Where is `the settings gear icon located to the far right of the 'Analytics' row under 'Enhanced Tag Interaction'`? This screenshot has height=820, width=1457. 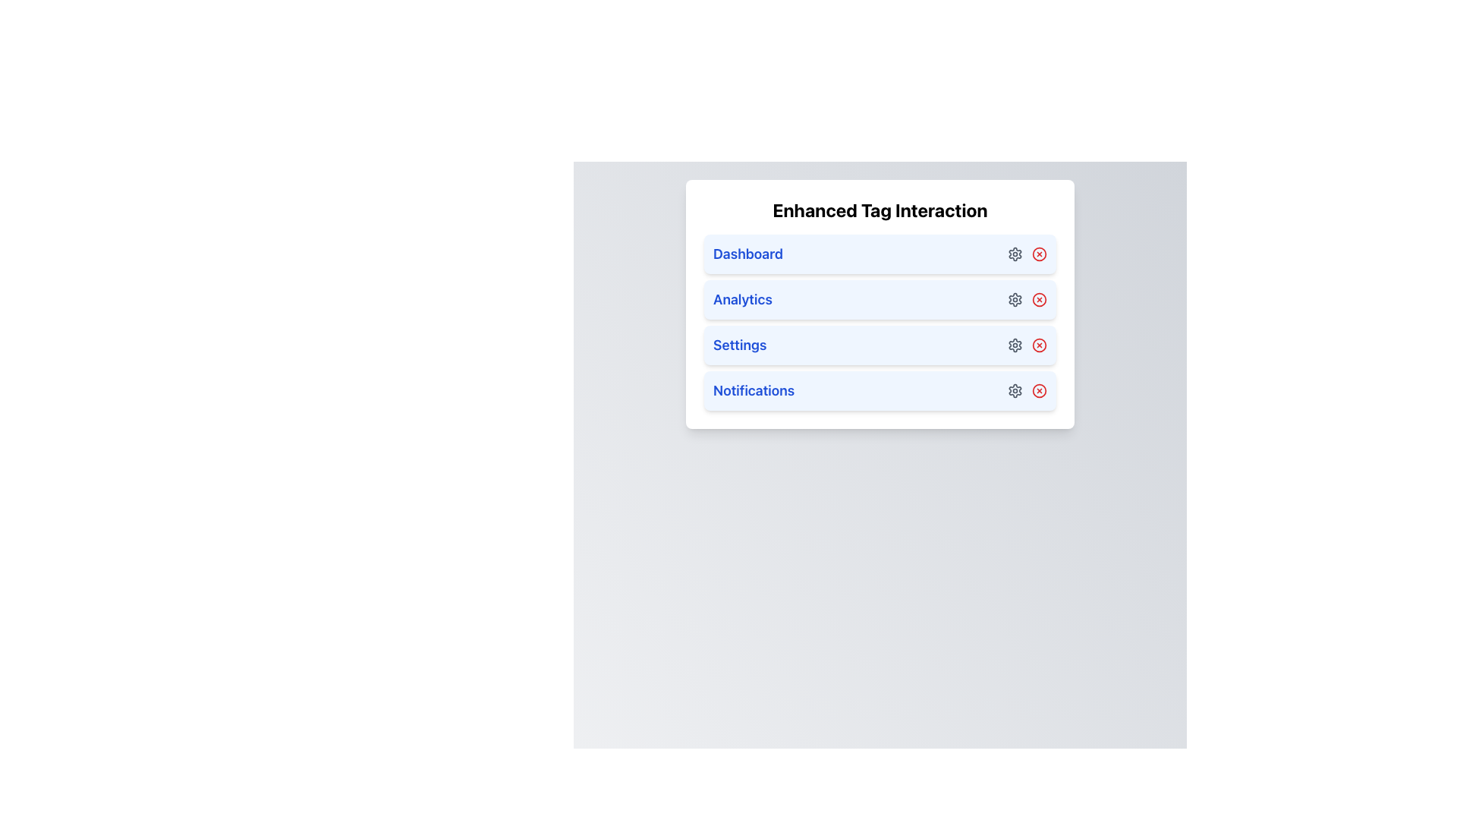
the settings gear icon located to the far right of the 'Analytics' row under 'Enhanced Tag Interaction' is located at coordinates (1027, 299).